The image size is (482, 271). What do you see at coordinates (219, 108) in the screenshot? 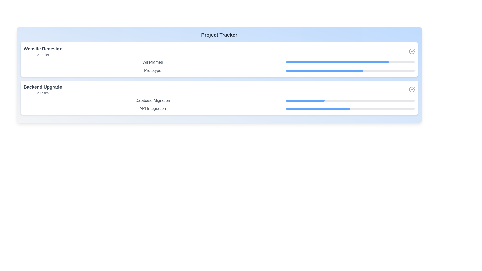
I see `details of the task item related to 'API Integration' located below the 'Database Migration' item in the 'Backend Upgrade' list by clicking on it` at bounding box center [219, 108].